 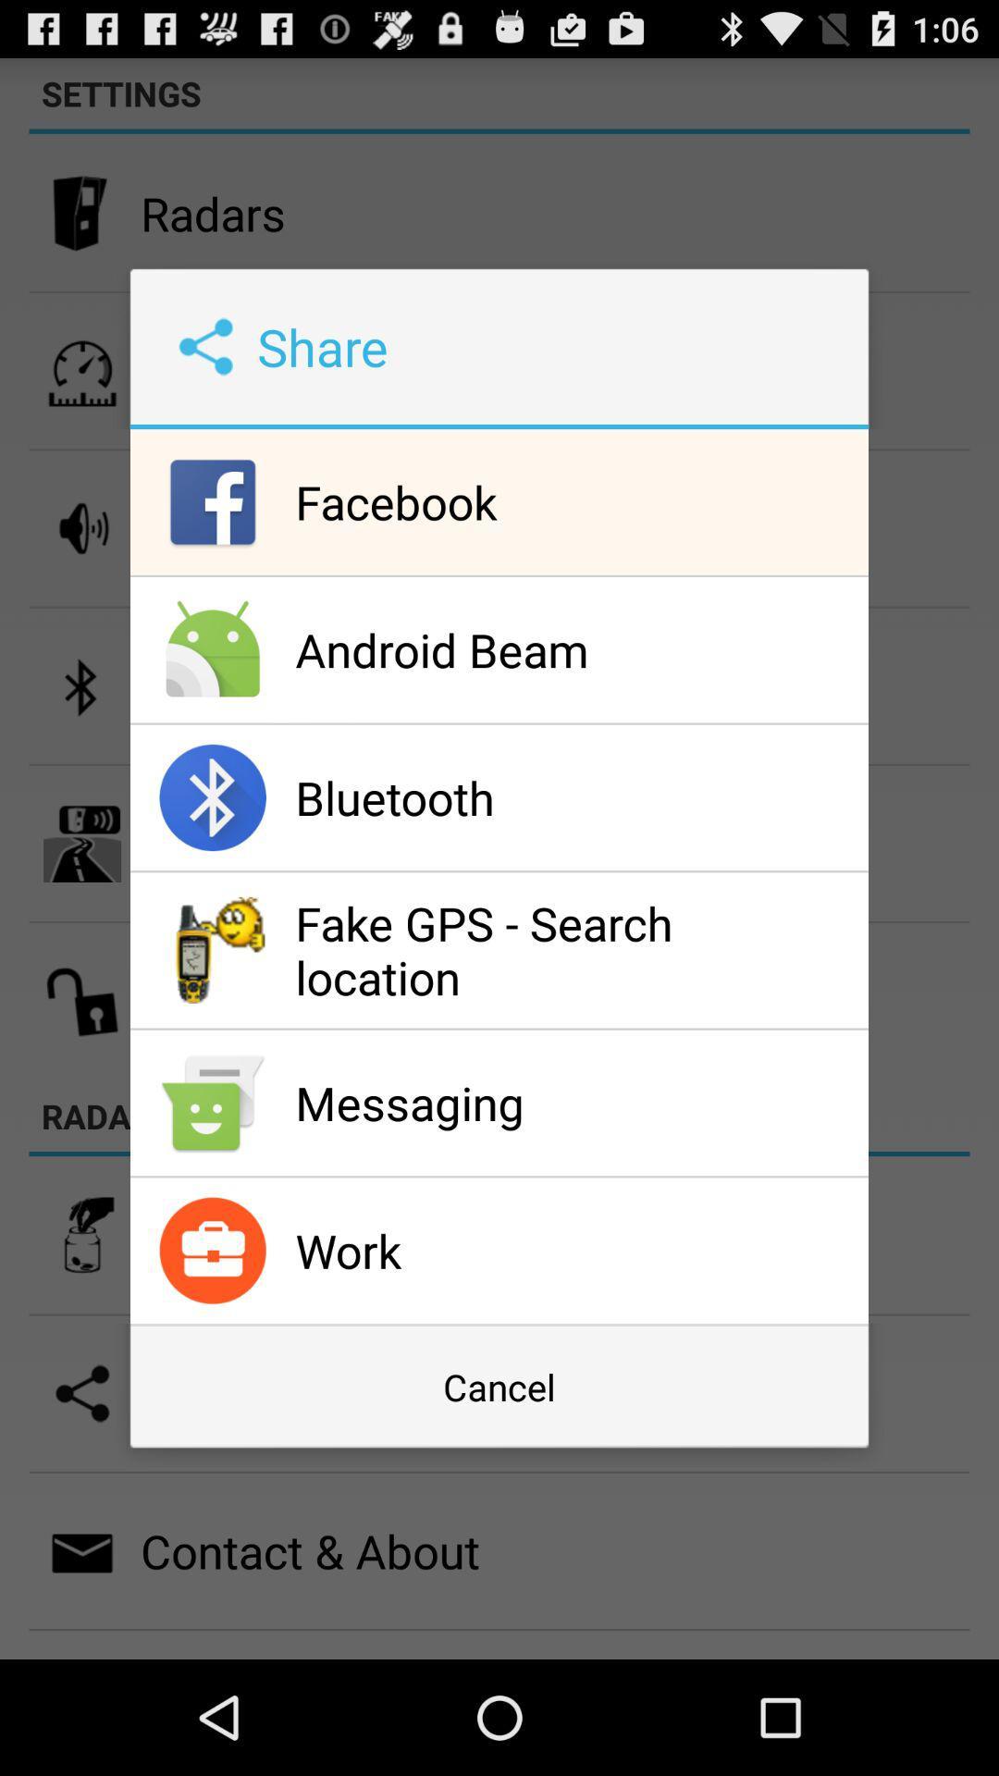 I want to click on cancel button, so click(x=499, y=1387).